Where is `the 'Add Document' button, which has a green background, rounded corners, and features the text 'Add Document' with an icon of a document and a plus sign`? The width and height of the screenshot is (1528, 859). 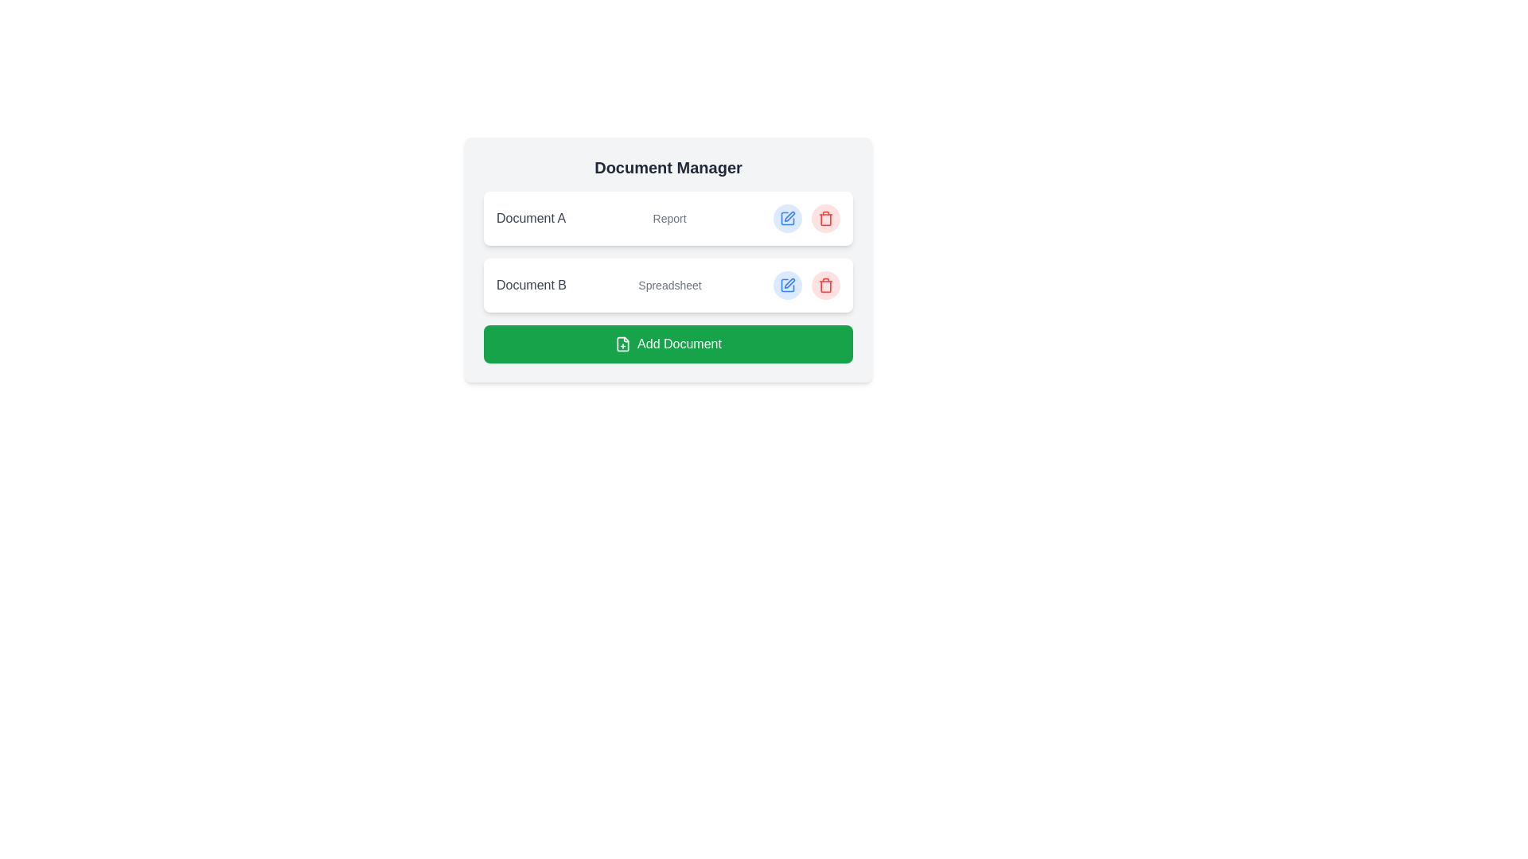 the 'Add Document' button, which has a green background, rounded corners, and features the text 'Add Document' with an icon of a document and a plus sign is located at coordinates (668, 343).